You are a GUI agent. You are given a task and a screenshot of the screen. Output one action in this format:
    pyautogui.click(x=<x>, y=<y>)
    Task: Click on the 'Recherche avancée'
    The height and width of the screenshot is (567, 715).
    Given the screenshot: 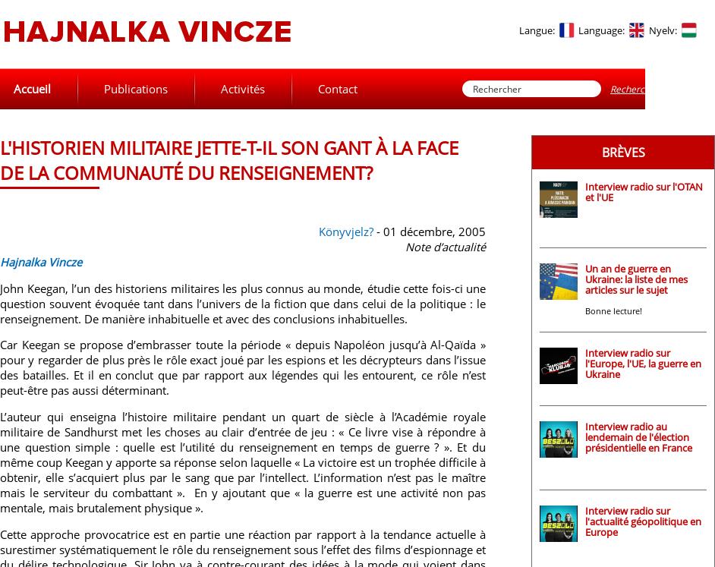 What is the action you would take?
    pyautogui.click(x=651, y=88)
    